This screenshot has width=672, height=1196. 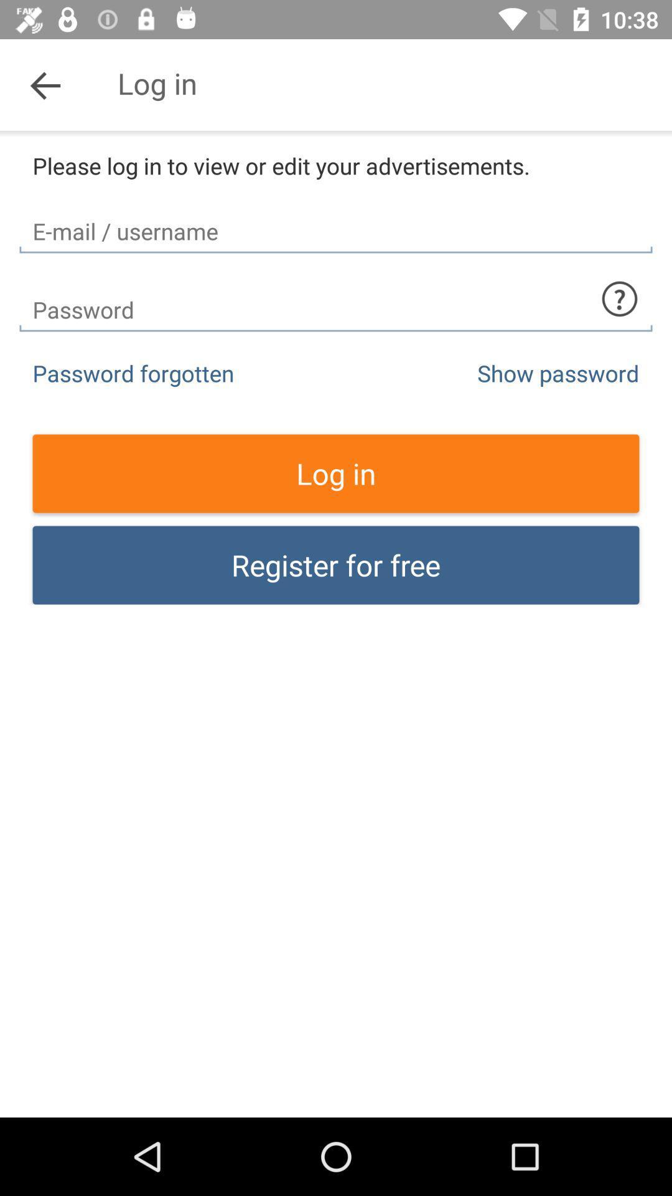 What do you see at coordinates (619, 299) in the screenshot?
I see `login help` at bounding box center [619, 299].